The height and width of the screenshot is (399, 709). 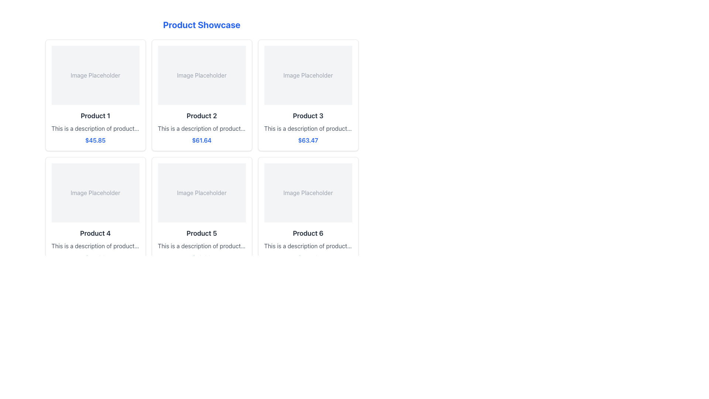 I want to click on the rectangular placeholder box with the centered text 'Image Placeholder' located in the top segment of the fourth product card in the grid, so click(x=95, y=192).